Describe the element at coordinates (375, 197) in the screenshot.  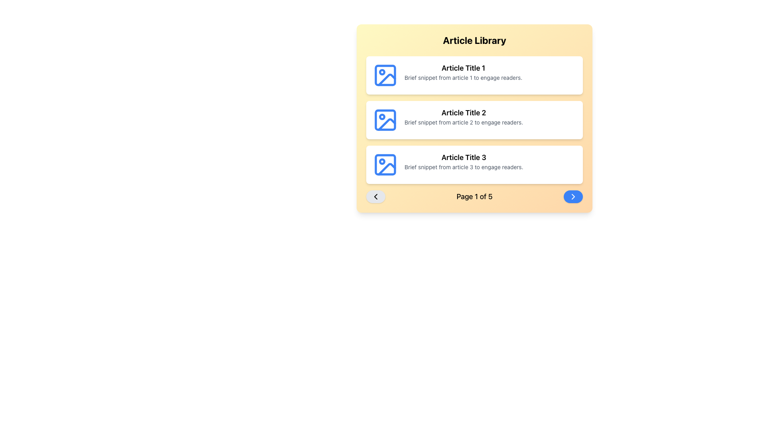
I see `the small, left-facing chevron arrow icon located to the left of the bottom navigation panel, which is part of a pagination or navigation interface` at that location.